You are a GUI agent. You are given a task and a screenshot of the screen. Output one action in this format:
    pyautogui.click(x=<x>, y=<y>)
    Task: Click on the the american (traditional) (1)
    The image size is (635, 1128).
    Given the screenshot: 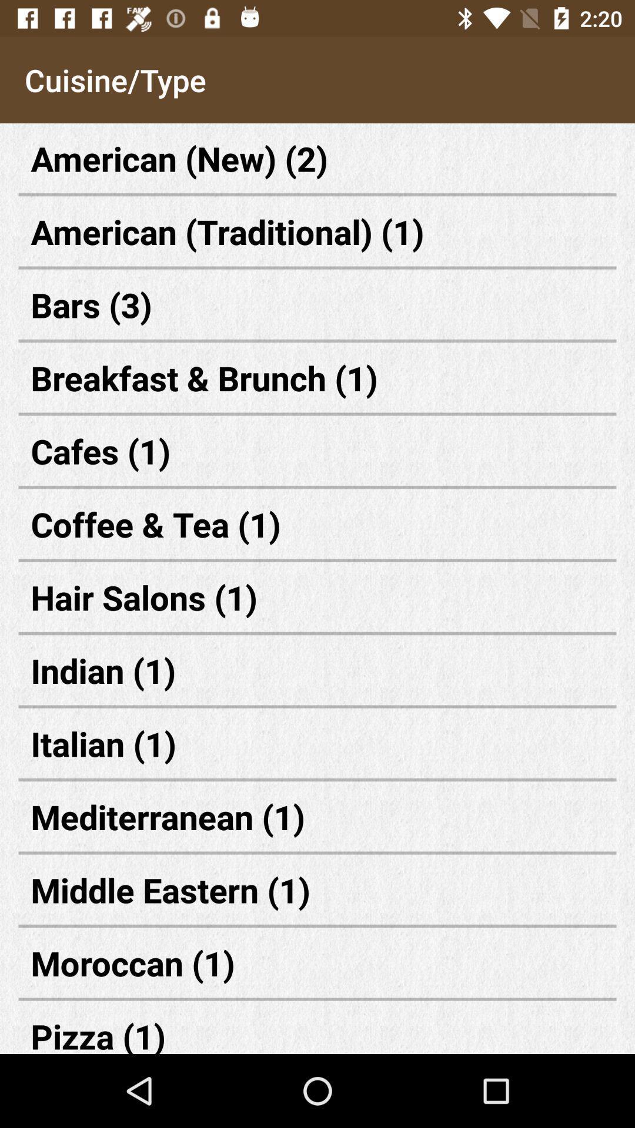 What is the action you would take?
    pyautogui.click(x=317, y=231)
    